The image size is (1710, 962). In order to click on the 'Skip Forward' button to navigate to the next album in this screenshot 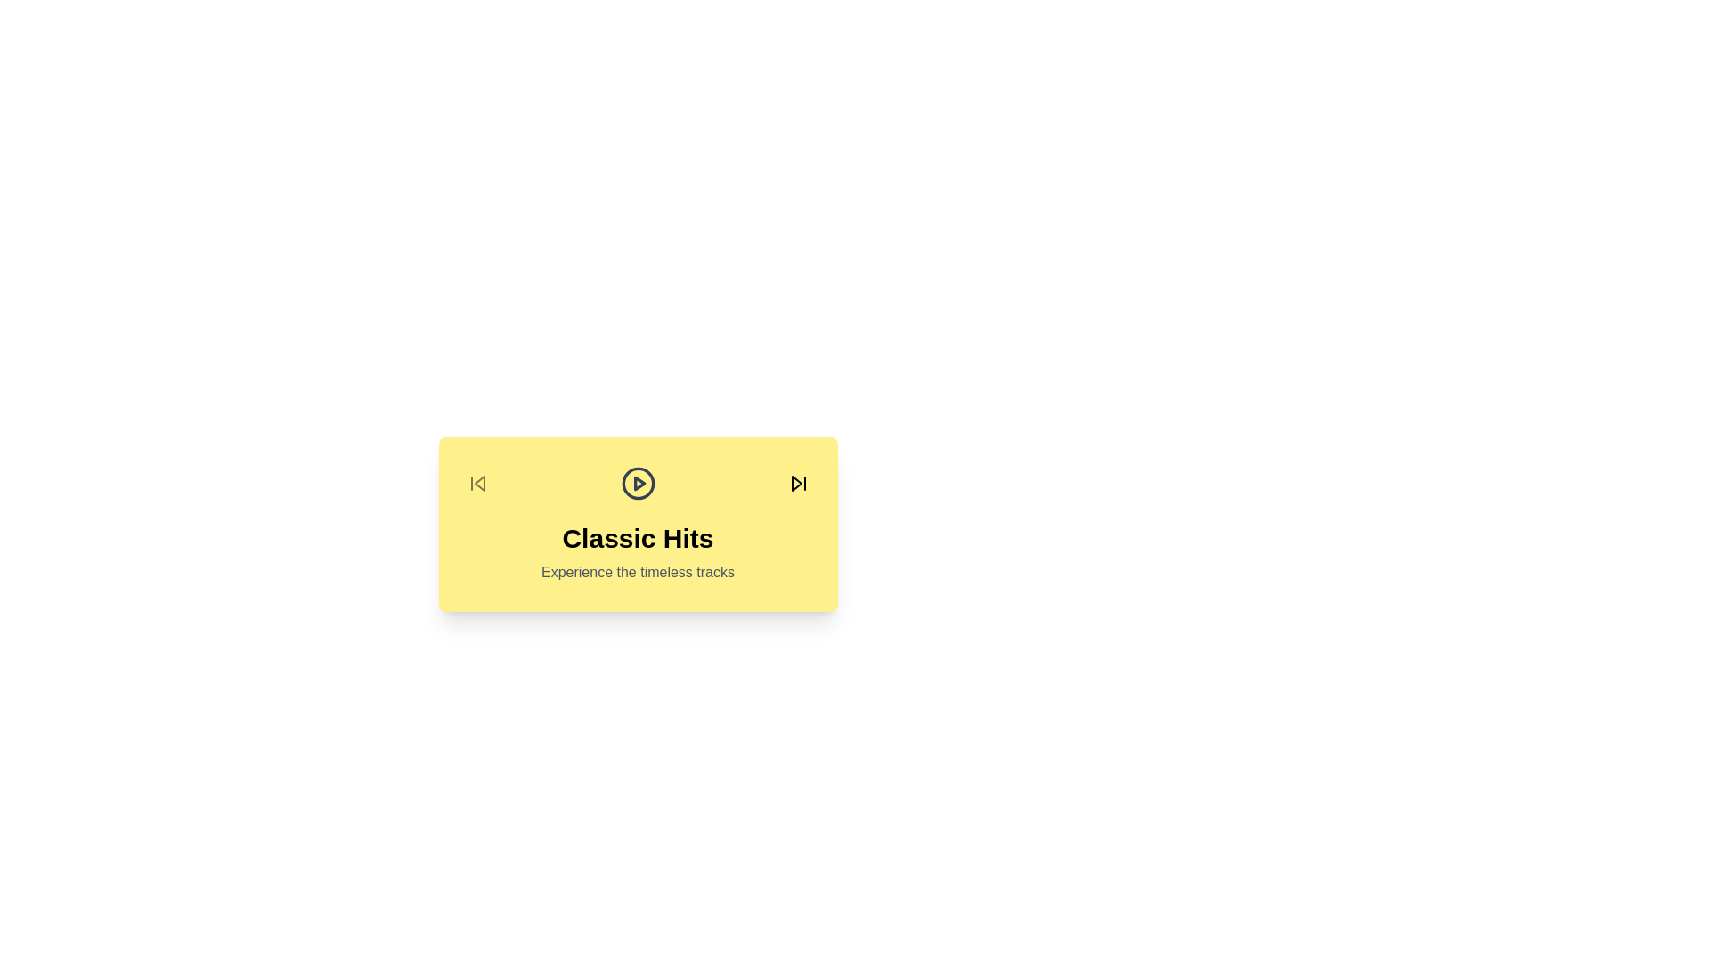, I will do `click(797, 484)`.